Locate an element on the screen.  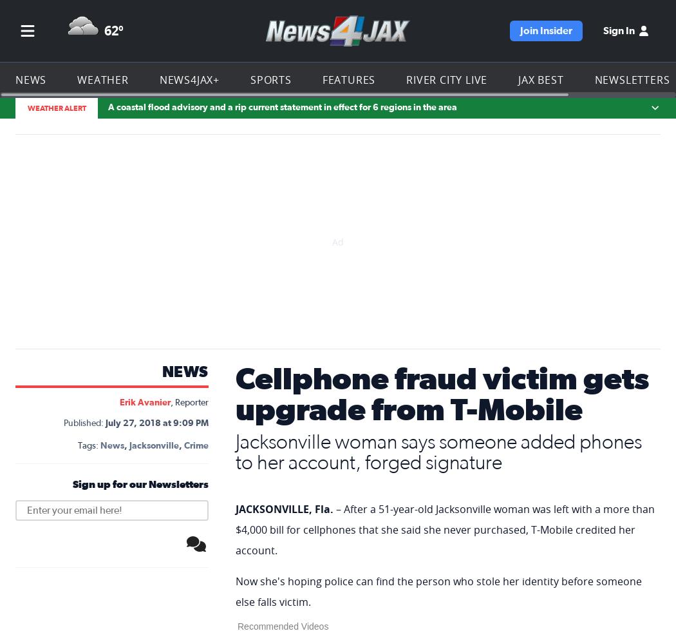
'According to a Jacksonville Sheriff's Office report, the cellphones were never picked up at the store nor were they delivered to Edwards' house.' is located at coordinates (444, 145).